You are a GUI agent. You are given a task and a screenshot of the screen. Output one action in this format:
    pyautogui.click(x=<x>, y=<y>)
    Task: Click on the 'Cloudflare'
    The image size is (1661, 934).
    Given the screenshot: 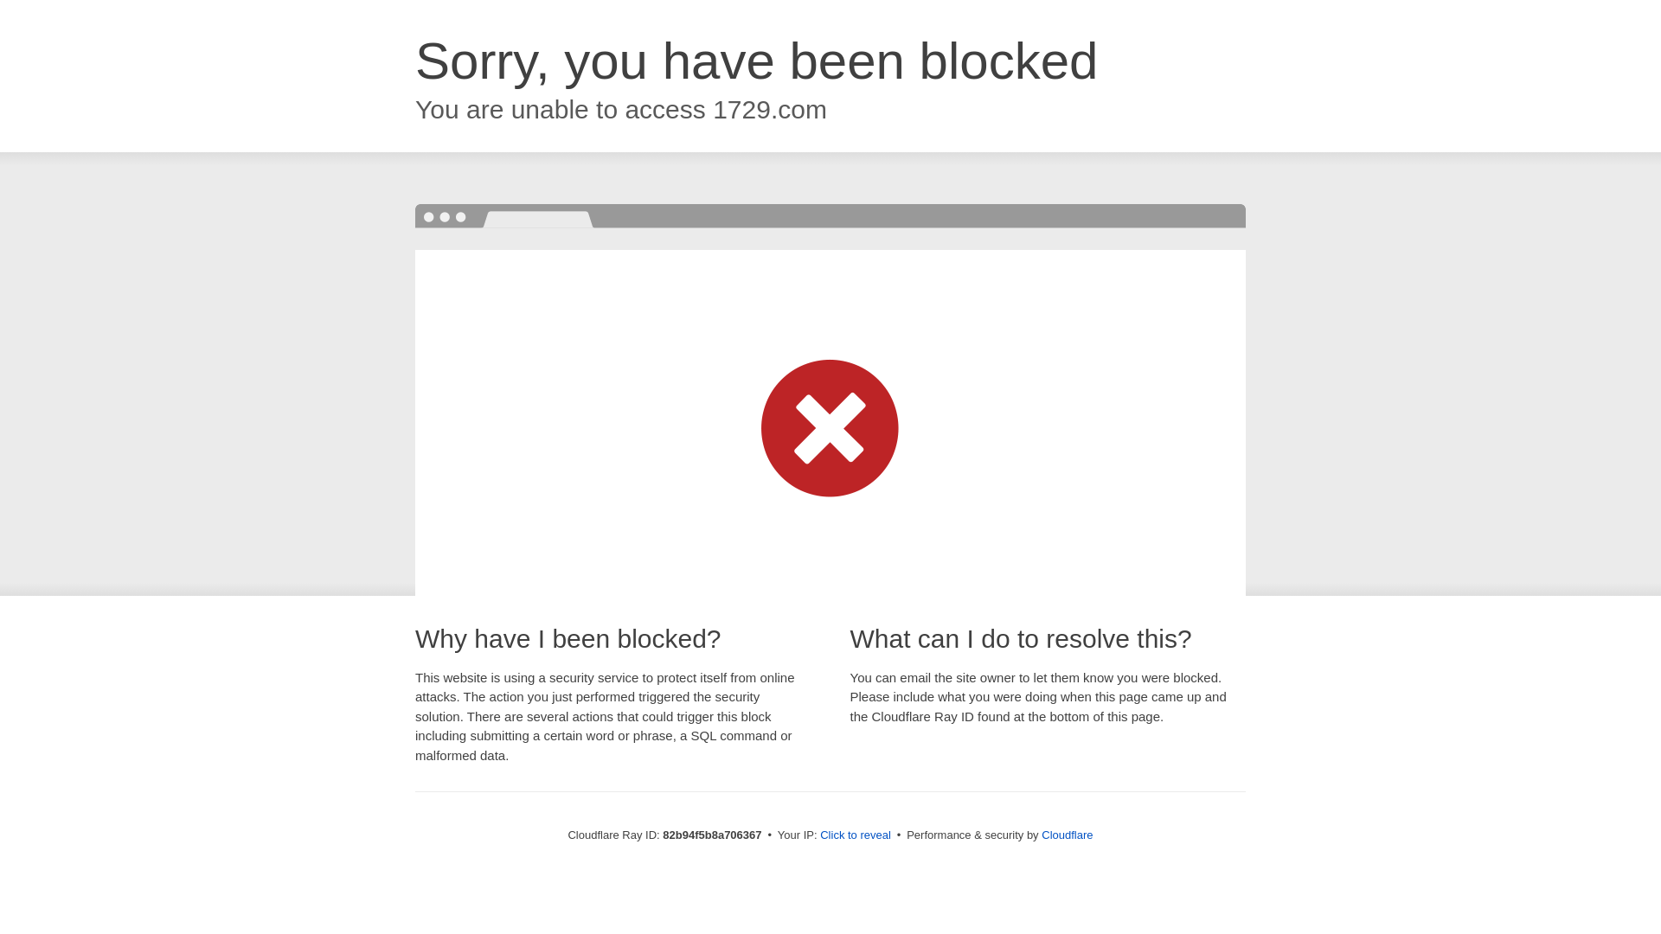 What is the action you would take?
    pyautogui.click(x=1041, y=834)
    